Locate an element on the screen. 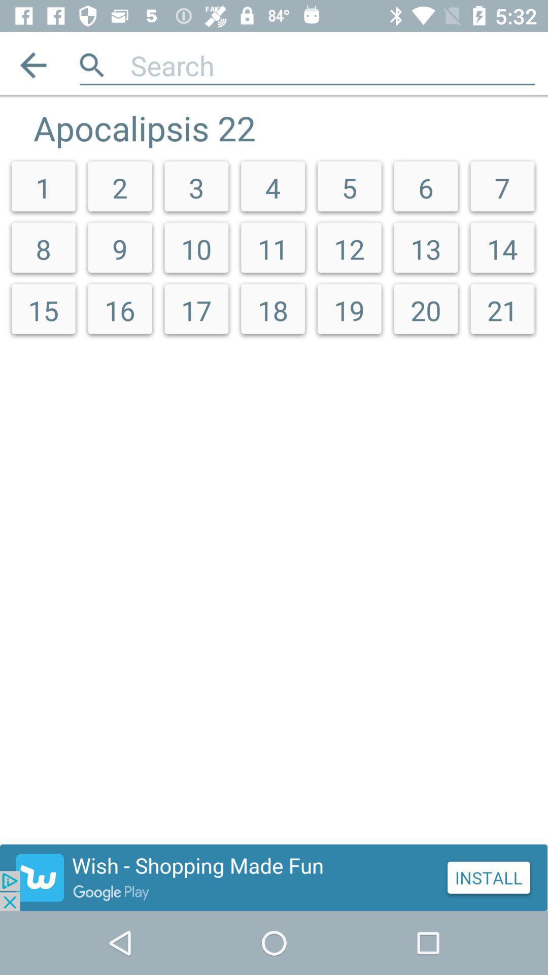  wish app on google play is located at coordinates (274, 877).